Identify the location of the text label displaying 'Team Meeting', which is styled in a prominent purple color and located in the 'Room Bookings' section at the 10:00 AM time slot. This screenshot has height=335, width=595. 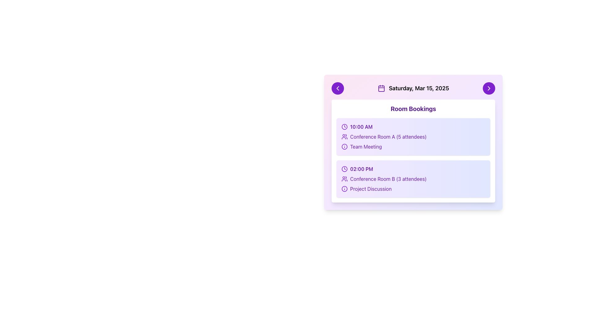
(366, 147).